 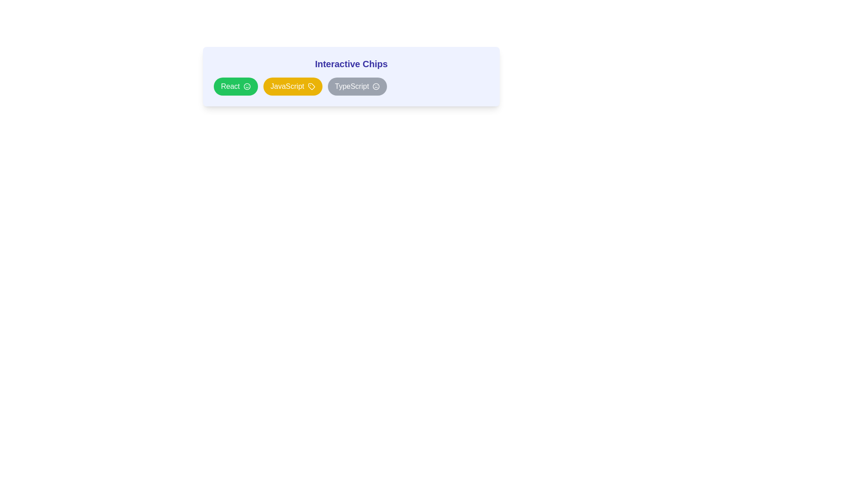 What do you see at coordinates (311, 87) in the screenshot?
I see `the tag-like icon to the right of the 'JavaScript' label within the yellow chip` at bounding box center [311, 87].